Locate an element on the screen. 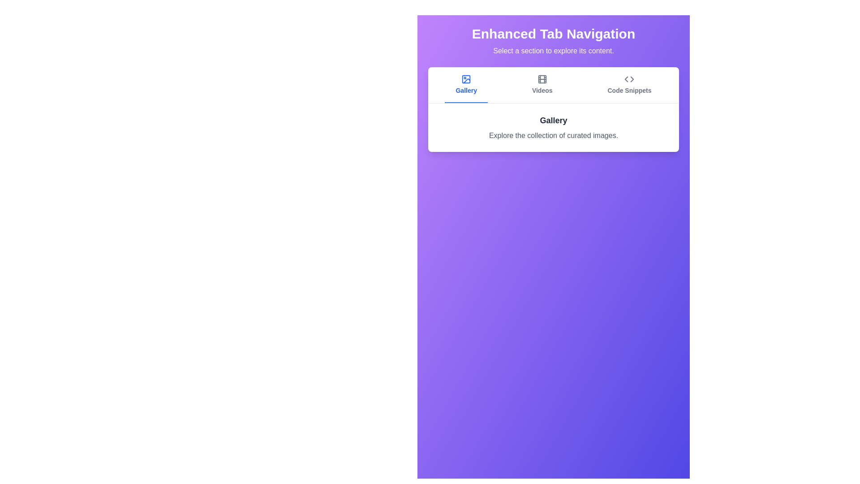  the icon of the Code Snippets tab is located at coordinates (629, 79).